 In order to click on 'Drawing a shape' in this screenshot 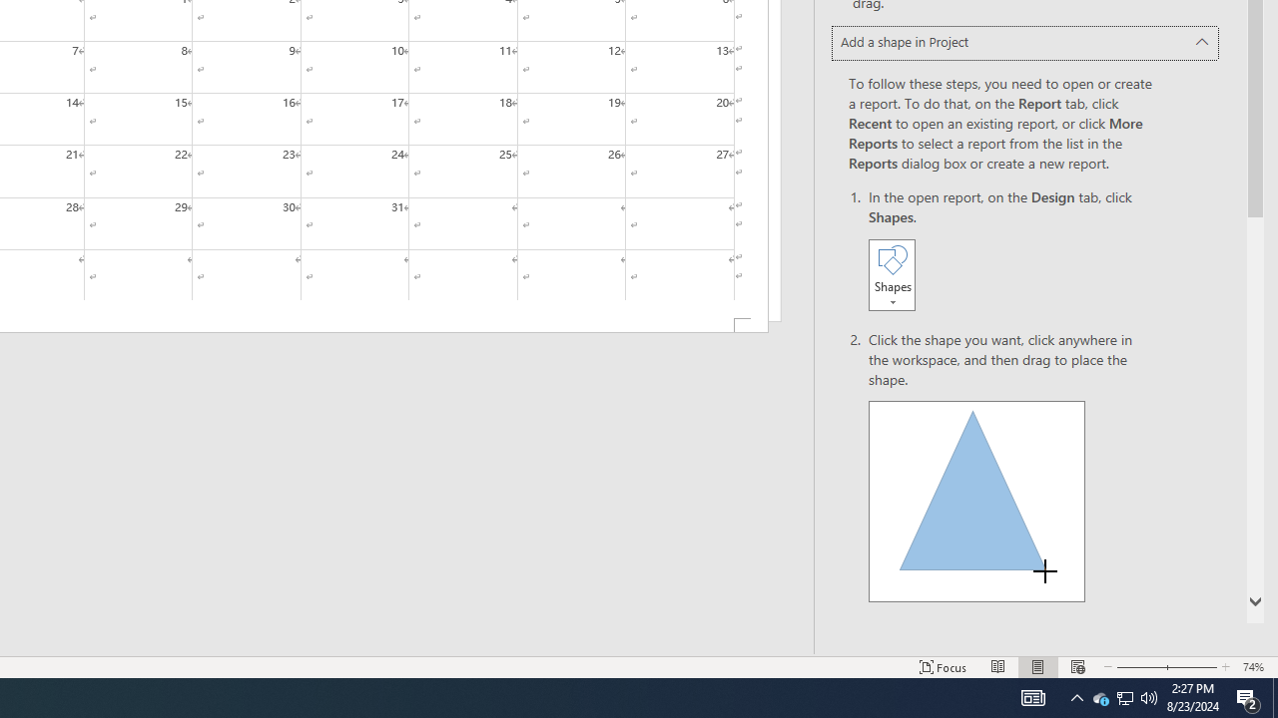, I will do `click(976, 500)`.